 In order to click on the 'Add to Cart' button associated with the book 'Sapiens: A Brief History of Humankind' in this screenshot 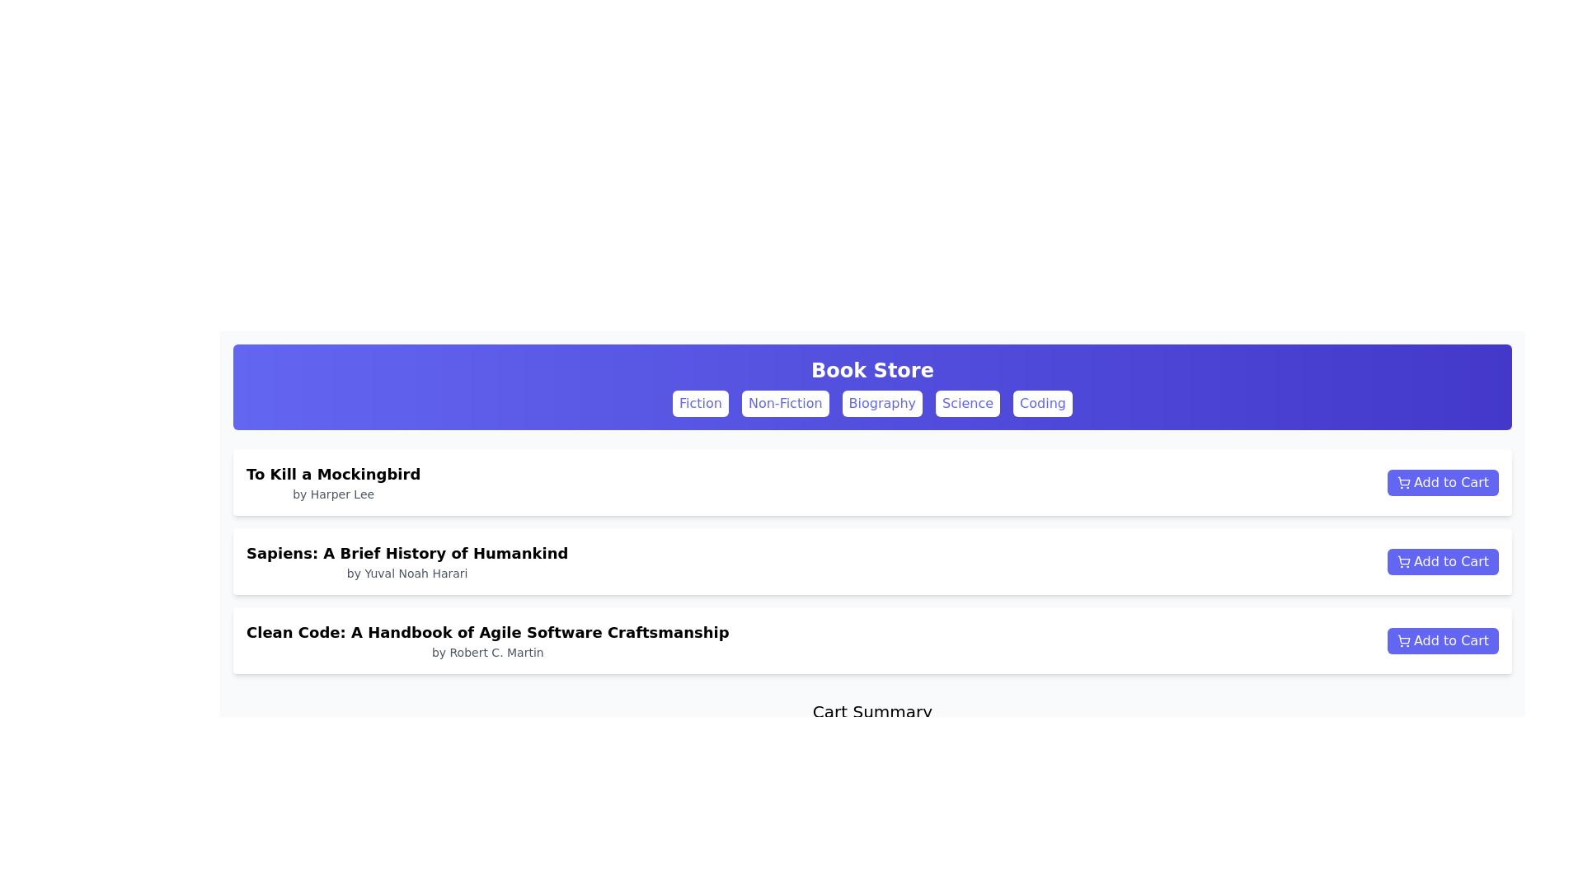, I will do `click(1442, 561)`.